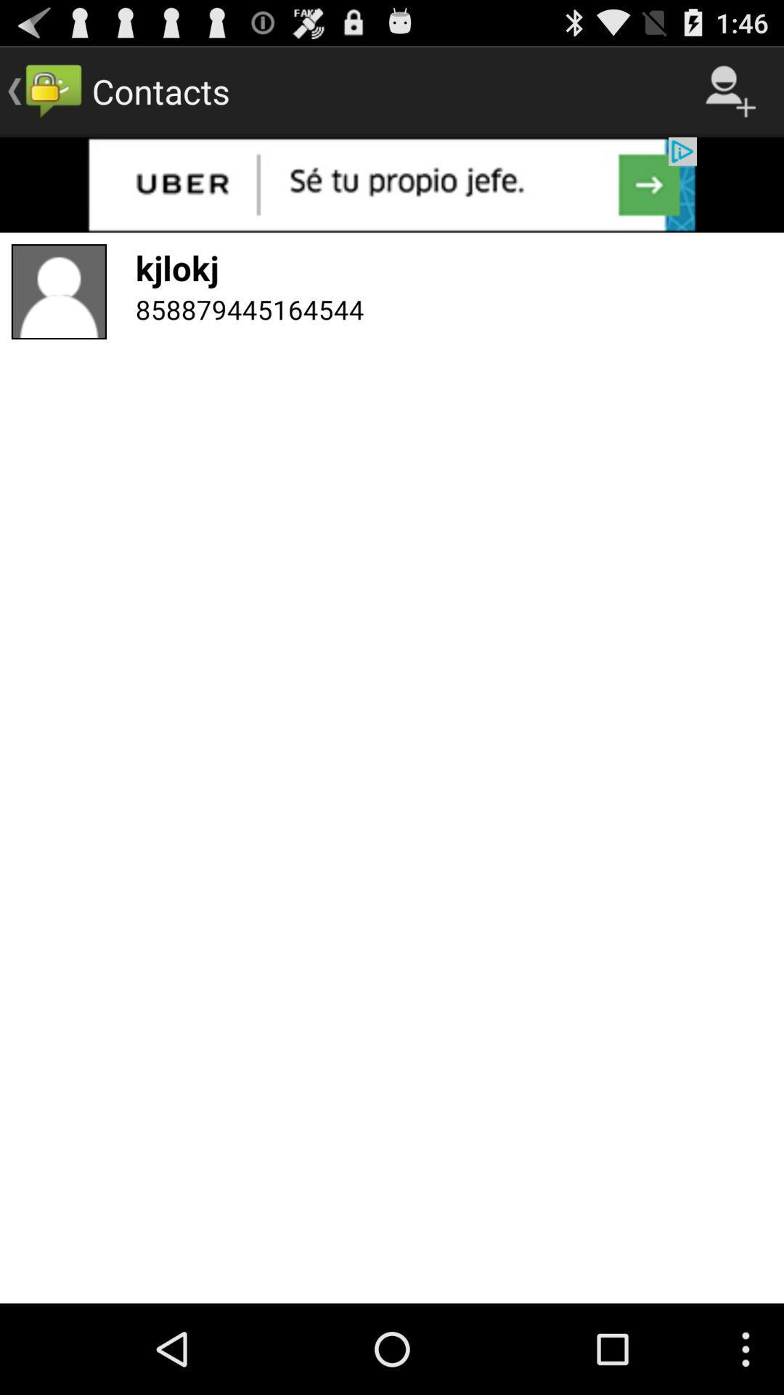 The width and height of the screenshot is (784, 1395). Describe the element at coordinates (392, 184) in the screenshot. I see `uber` at that location.